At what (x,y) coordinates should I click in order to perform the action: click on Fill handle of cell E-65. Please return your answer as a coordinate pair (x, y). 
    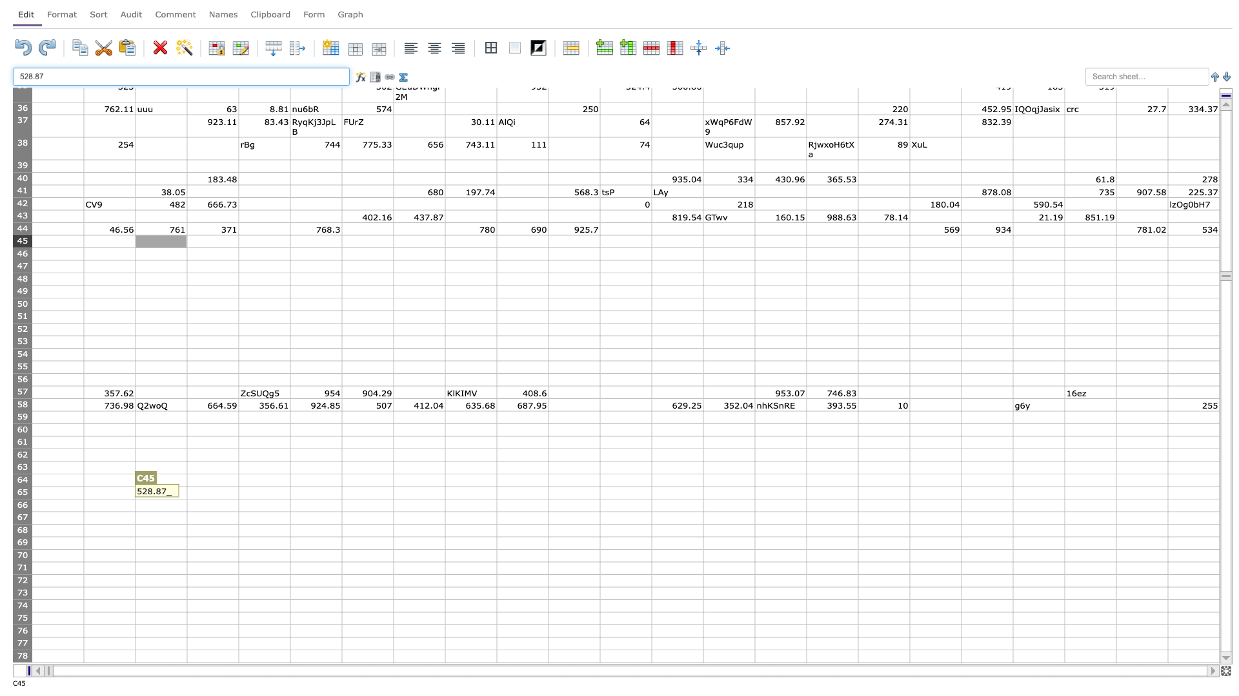
    Looking at the image, I should click on (290, 498).